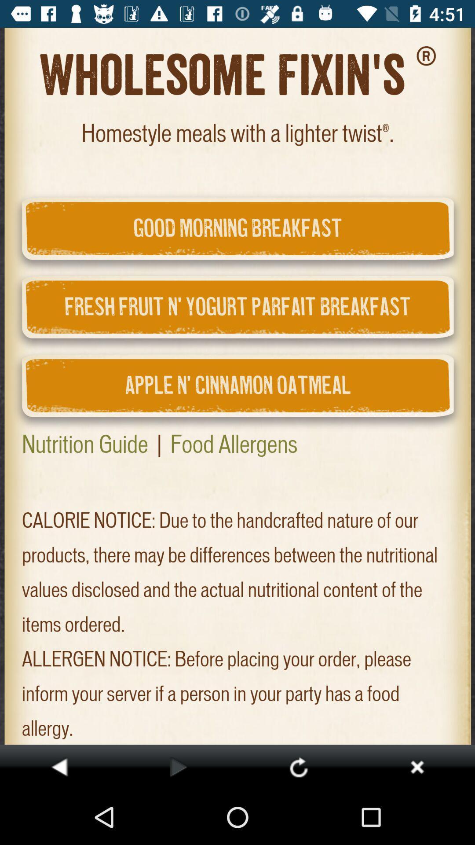 The image size is (475, 845). I want to click on this screen, so click(417, 766).